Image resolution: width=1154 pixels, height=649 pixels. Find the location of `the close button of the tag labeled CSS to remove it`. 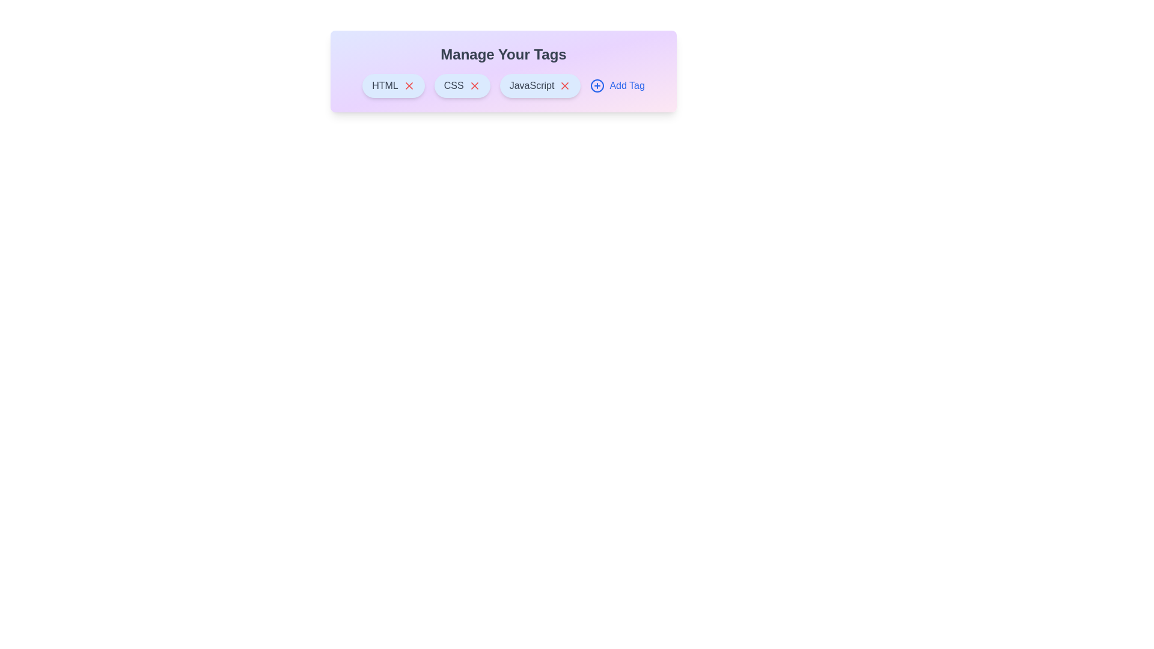

the close button of the tag labeled CSS to remove it is located at coordinates (474, 85).